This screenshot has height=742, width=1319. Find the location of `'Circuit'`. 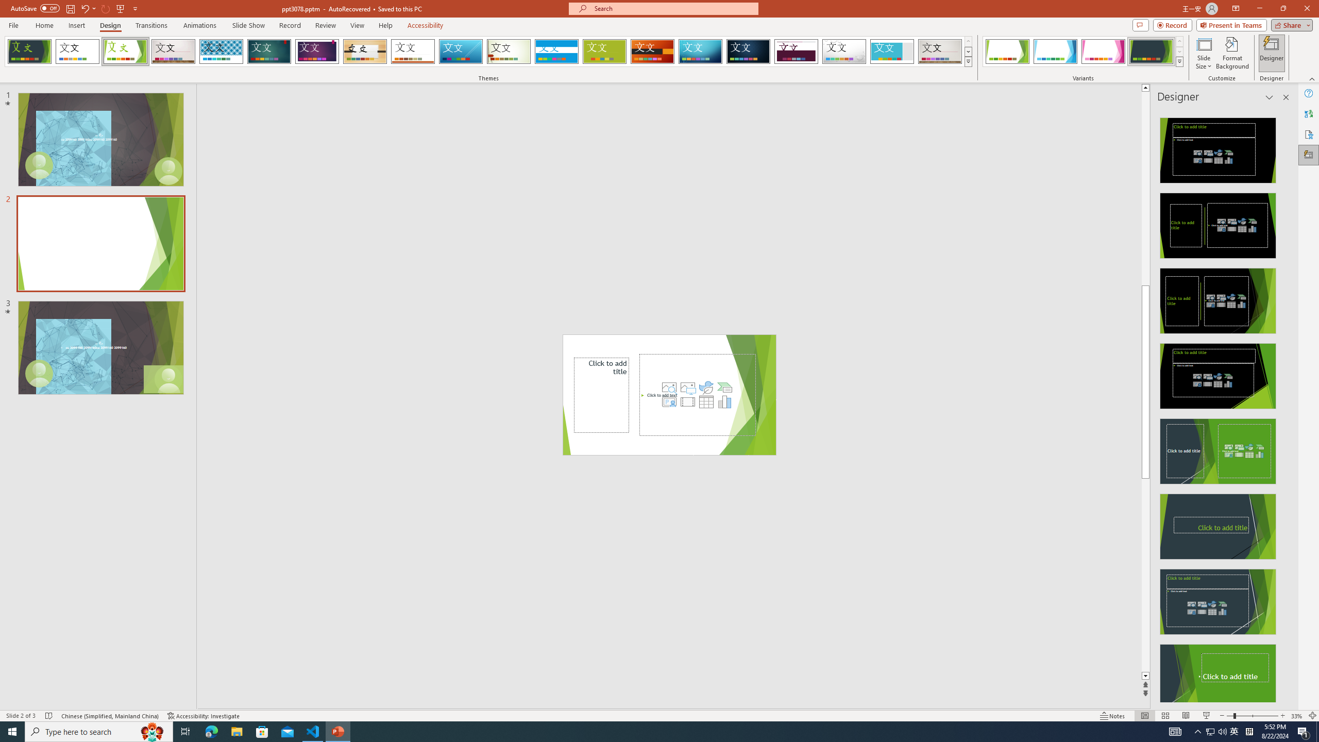

'Circuit' is located at coordinates (700, 51).